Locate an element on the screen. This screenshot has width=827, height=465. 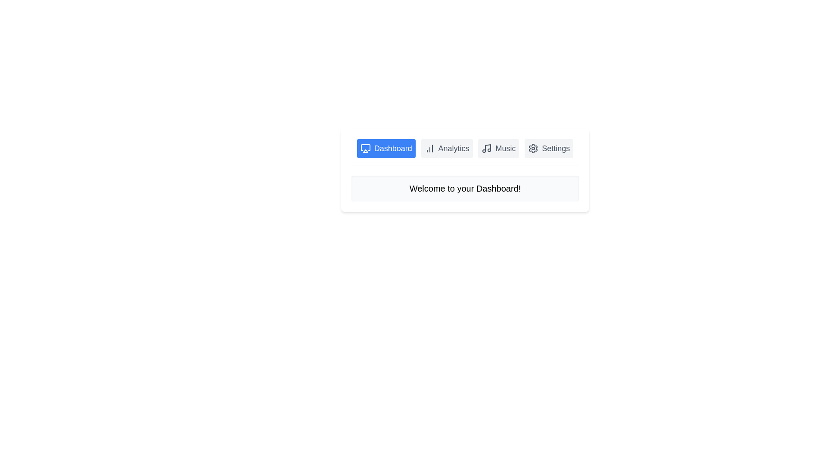
the 'Settings' button, which is the fourth button in a row of buttons styled with rounded edges and a light gray background is located at coordinates (548, 148).